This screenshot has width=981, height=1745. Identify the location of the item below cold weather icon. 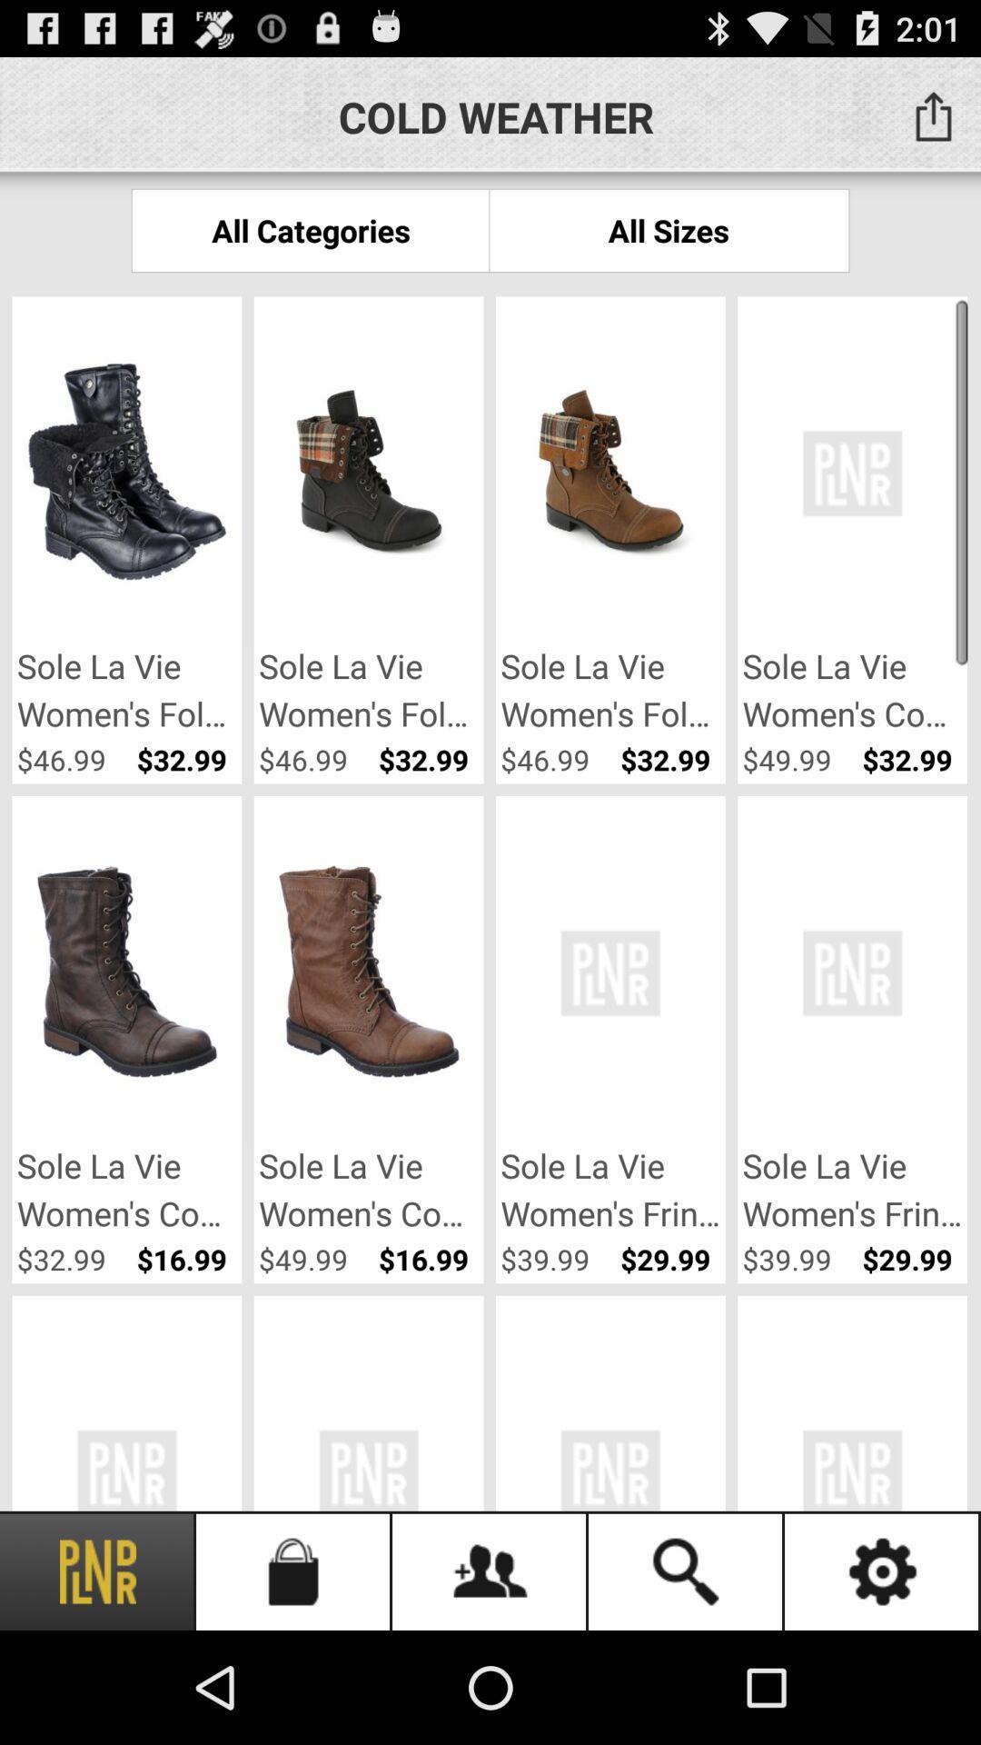
(310, 229).